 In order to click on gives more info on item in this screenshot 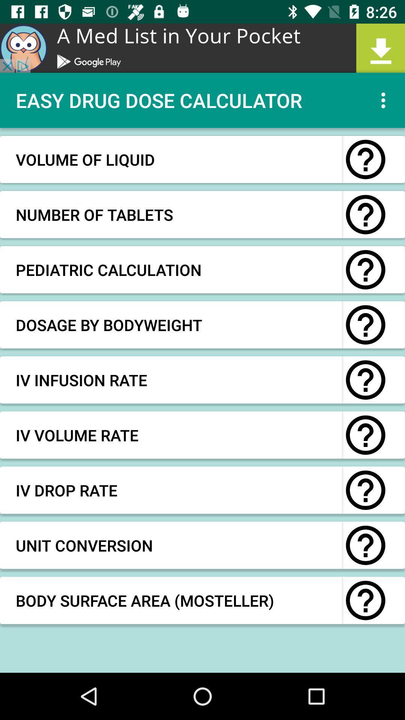, I will do `click(365, 159)`.